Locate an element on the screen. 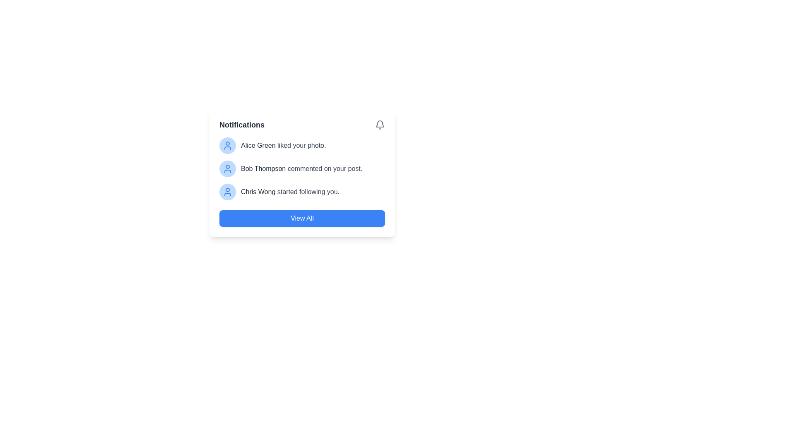 Image resolution: width=795 pixels, height=447 pixels. notification message indicating that 'Bob Thompson' has commented on a post, which is located in the second notification entry in the list, to the right of an avatar icon and above the 'View All' button is located at coordinates (301, 168).